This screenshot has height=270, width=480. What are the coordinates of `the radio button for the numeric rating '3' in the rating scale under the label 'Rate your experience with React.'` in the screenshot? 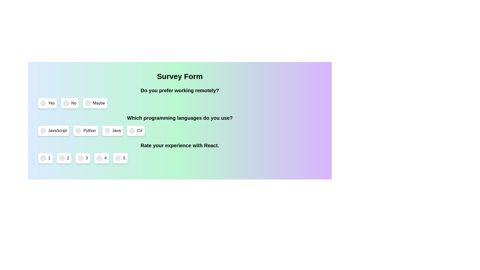 It's located at (83, 158).